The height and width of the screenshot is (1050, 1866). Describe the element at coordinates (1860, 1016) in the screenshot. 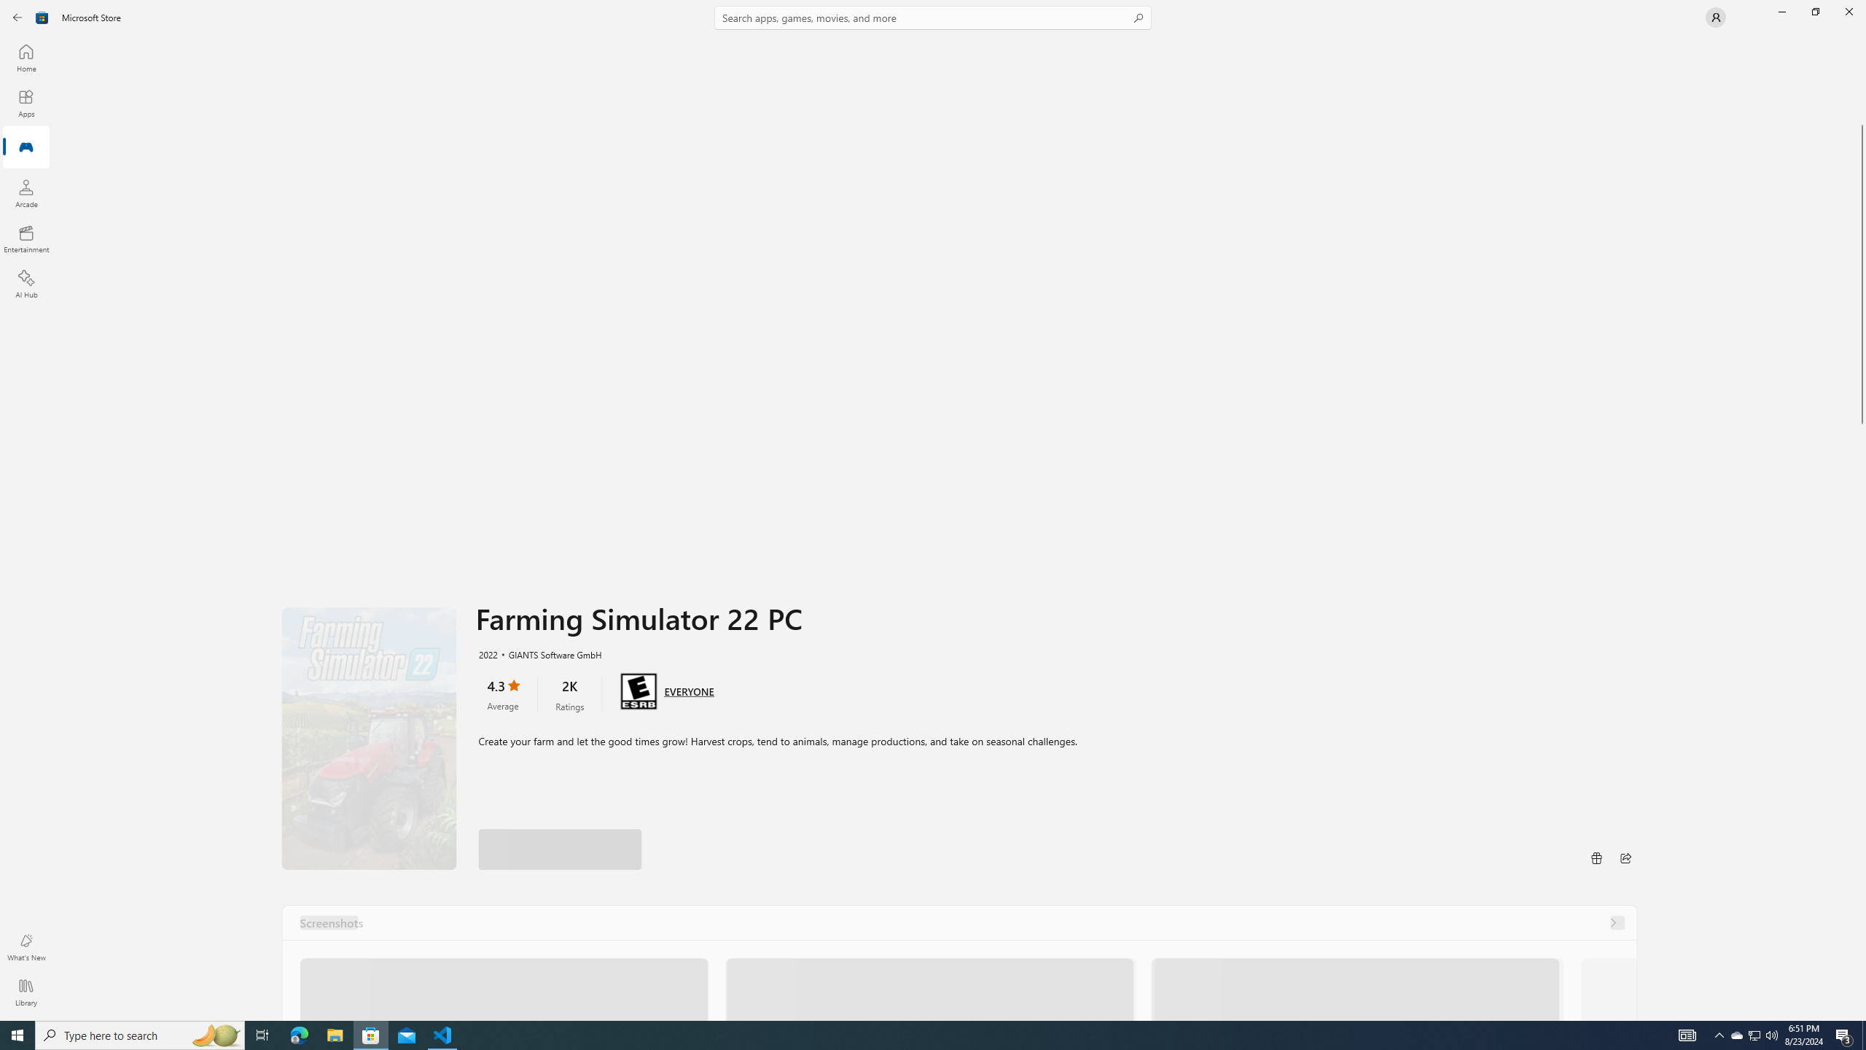

I see `'Vertical Small Increase'` at that location.